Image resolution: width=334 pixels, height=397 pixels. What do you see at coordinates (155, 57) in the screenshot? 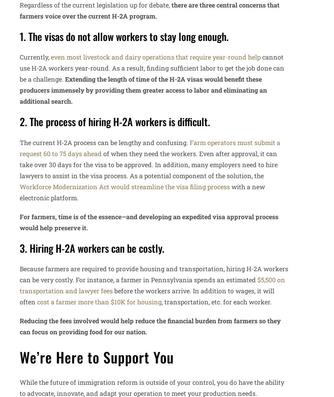
I see `'even most livestock and dairy operations that require year-round help'` at bounding box center [155, 57].